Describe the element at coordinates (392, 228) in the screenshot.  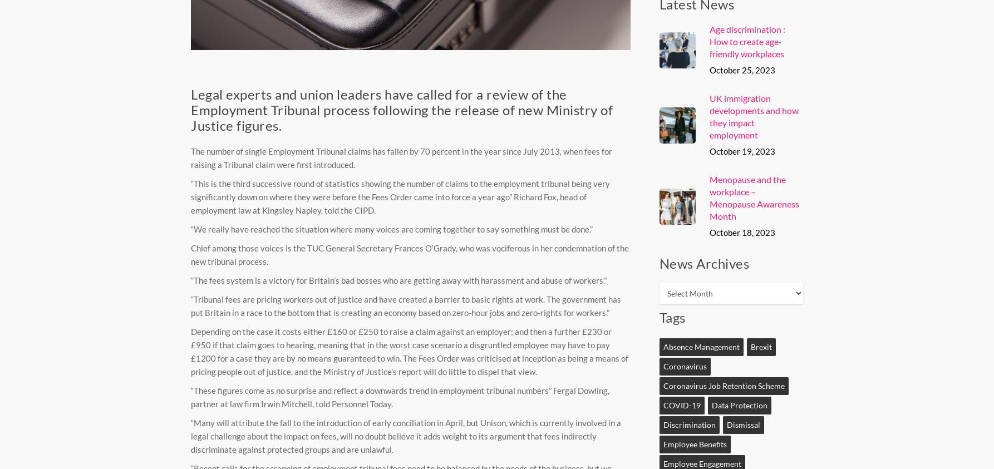
I see `'“We really have reached the situation where many voices are coming together to say something must be done.”'` at that location.